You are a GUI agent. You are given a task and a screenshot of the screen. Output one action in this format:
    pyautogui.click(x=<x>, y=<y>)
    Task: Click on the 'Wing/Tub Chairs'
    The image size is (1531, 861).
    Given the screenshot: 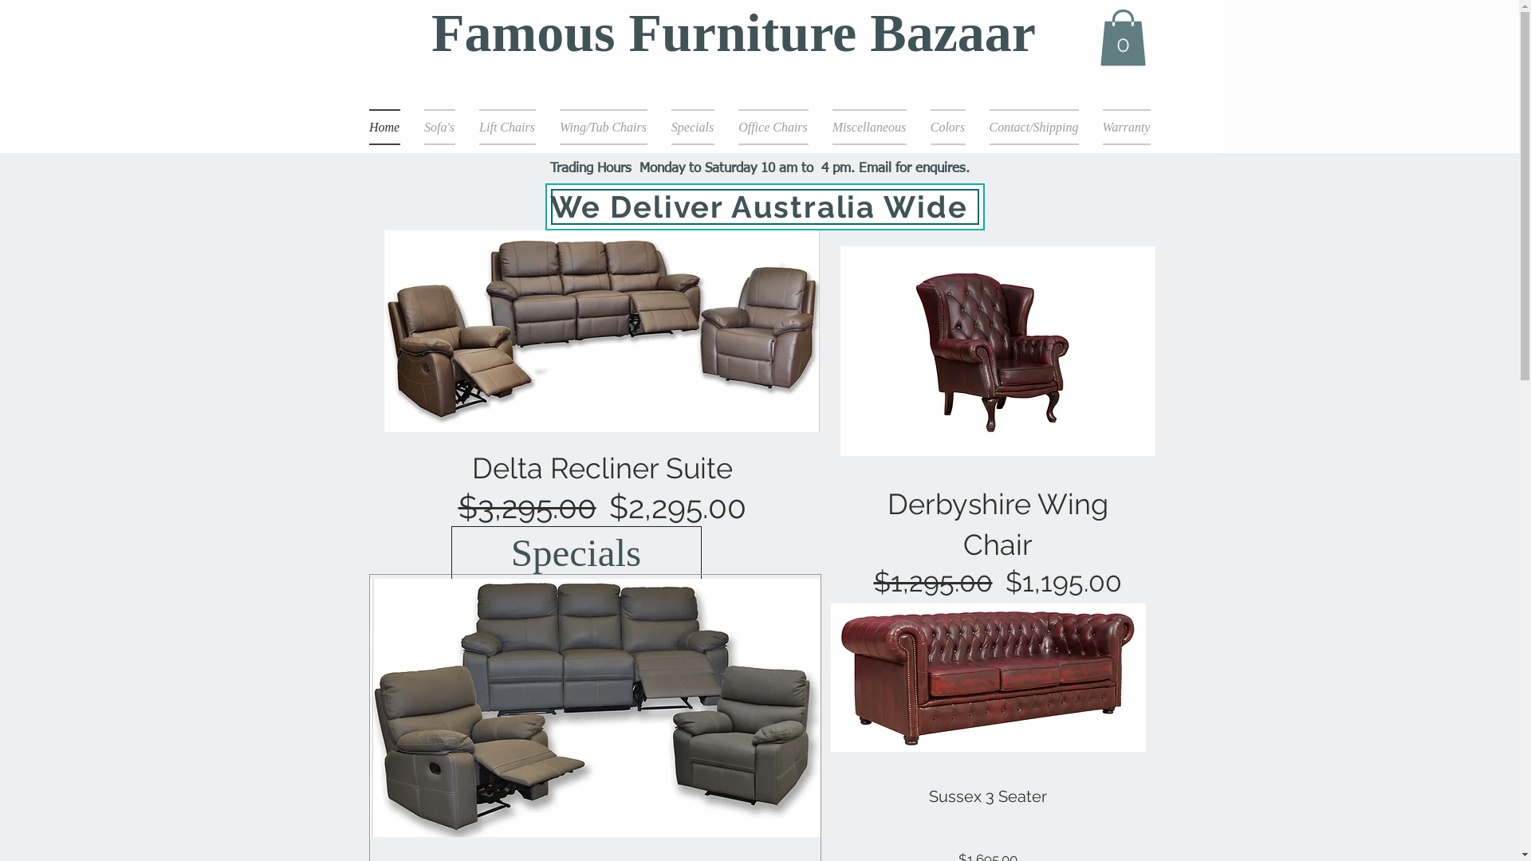 What is the action you would take?
    pyautogui.click(x=602, y=126)
    